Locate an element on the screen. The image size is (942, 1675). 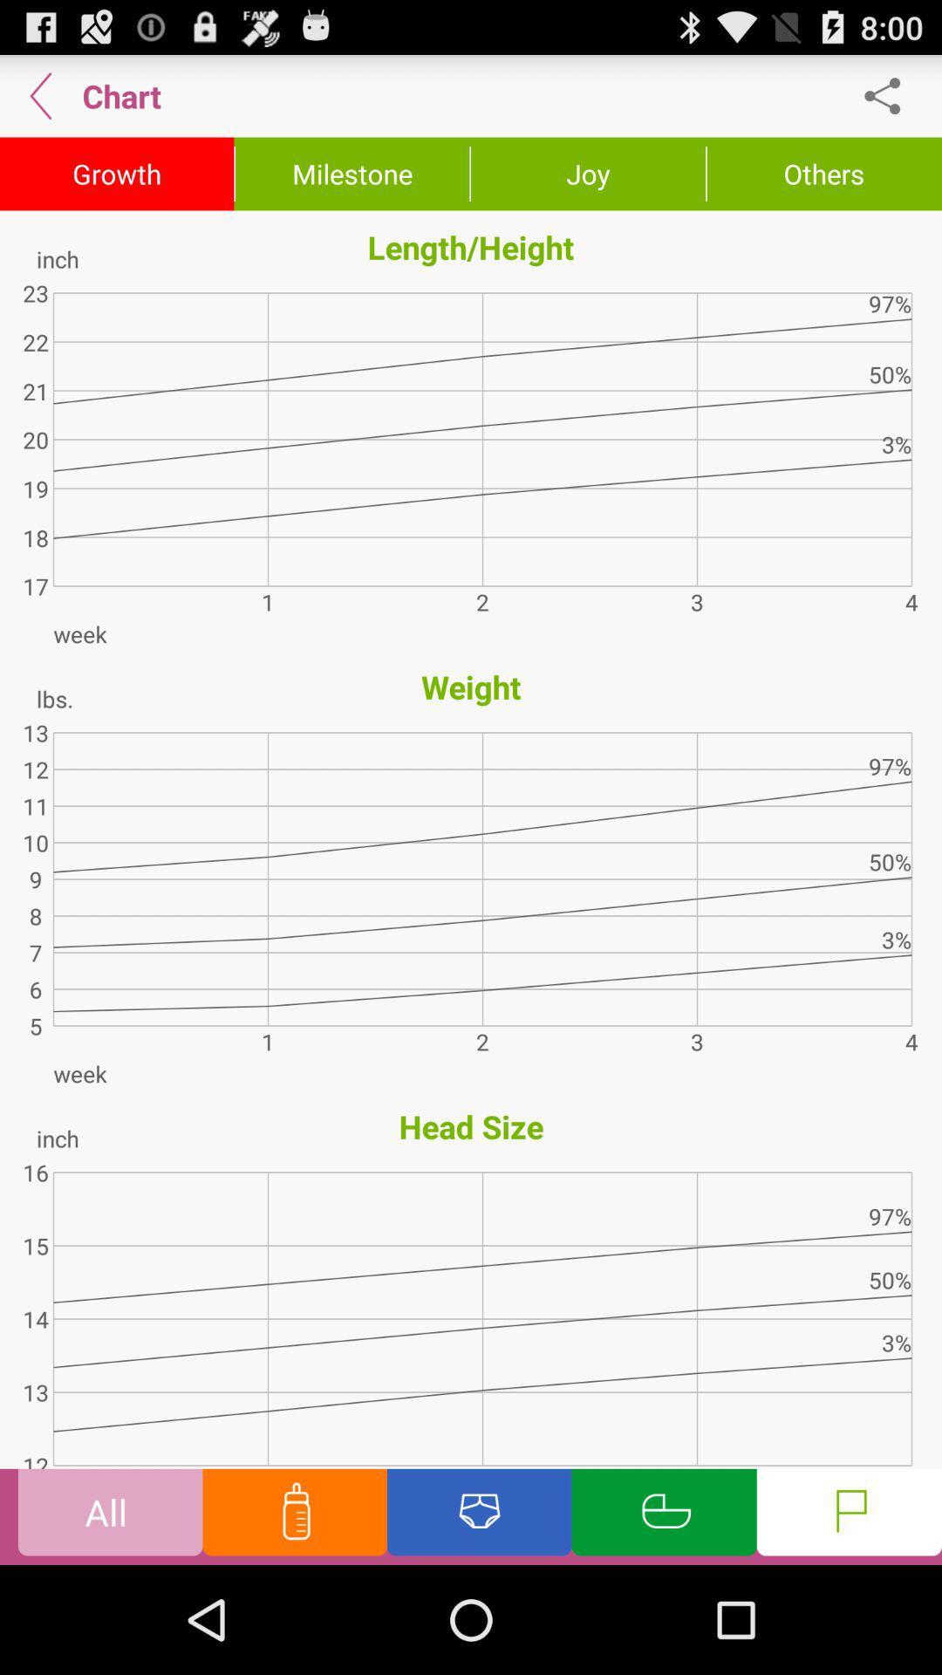
diaper log is located at coordinates (479, 1515).